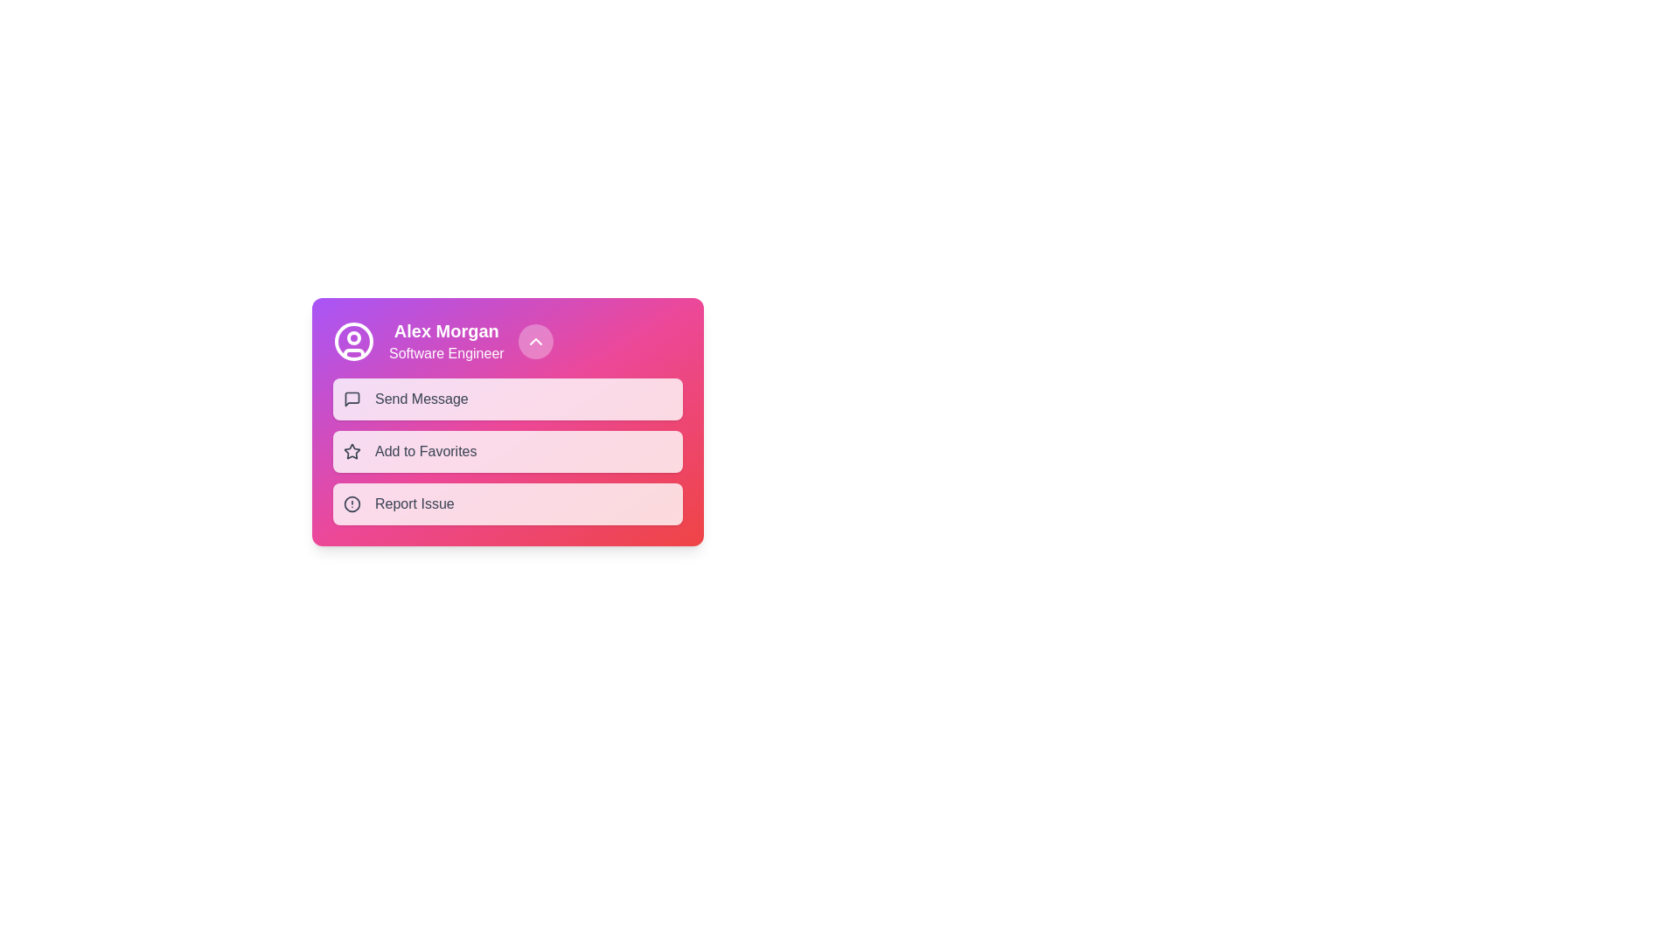 This screenshot has height=944, width=1679. What do you see at coordinates (352, 450) in the screenshot?
I see `the star icon located to the left of the 'Add to Favorites' label in the second option of the vertical menu` at bounding box center [352, 450].